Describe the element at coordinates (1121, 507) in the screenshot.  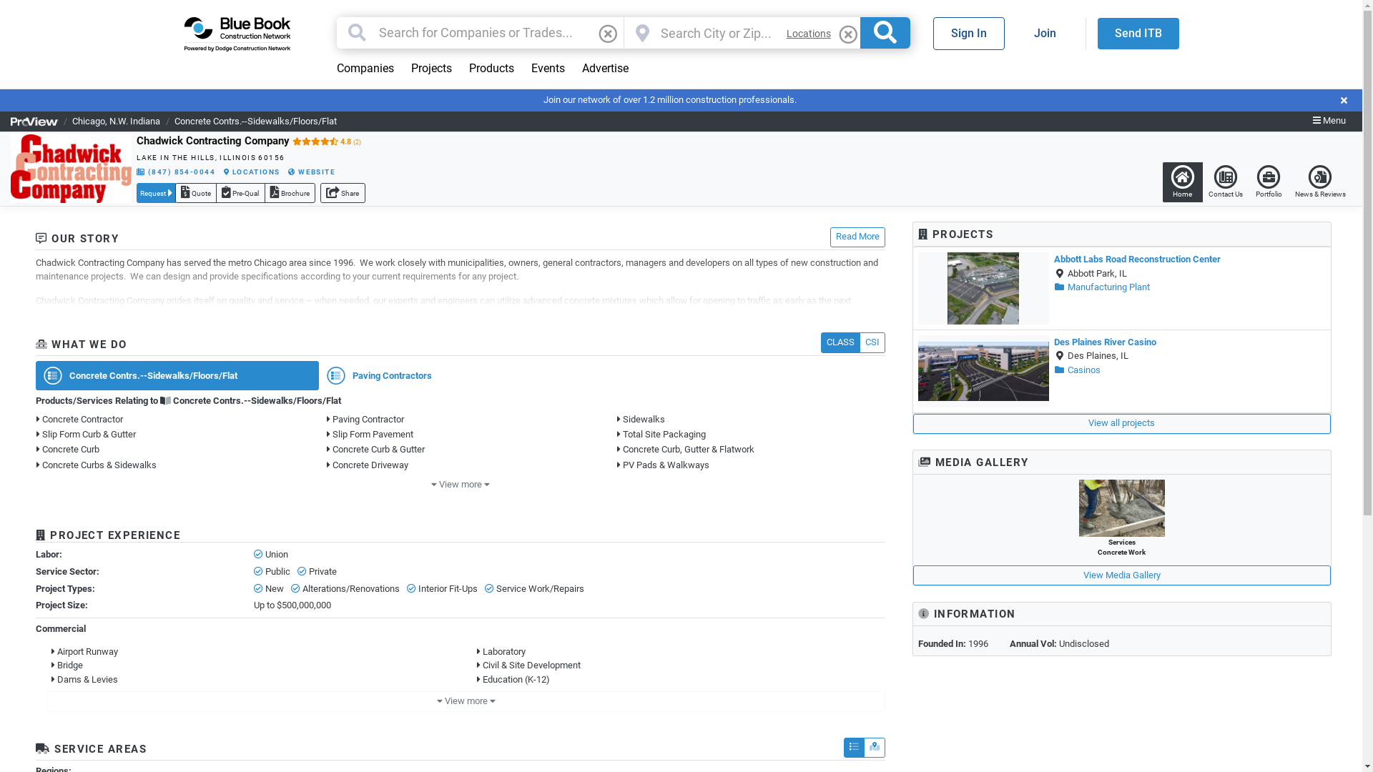
I see `'Services'` at that location.